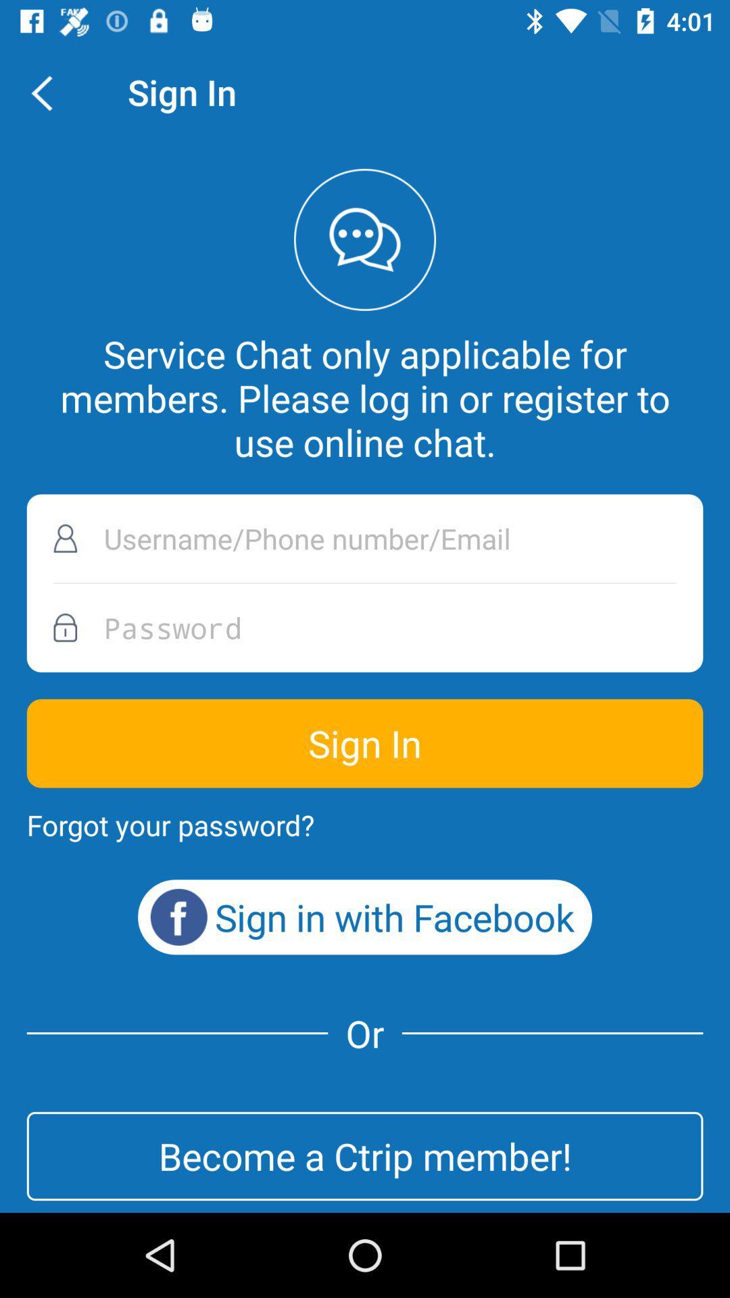 The width and height of the screenshot is (730, 1298). What do you see at coordinates (365, 537) in the screenshot?
I see `icon below service chat only item` at bounding box center [365, 537].